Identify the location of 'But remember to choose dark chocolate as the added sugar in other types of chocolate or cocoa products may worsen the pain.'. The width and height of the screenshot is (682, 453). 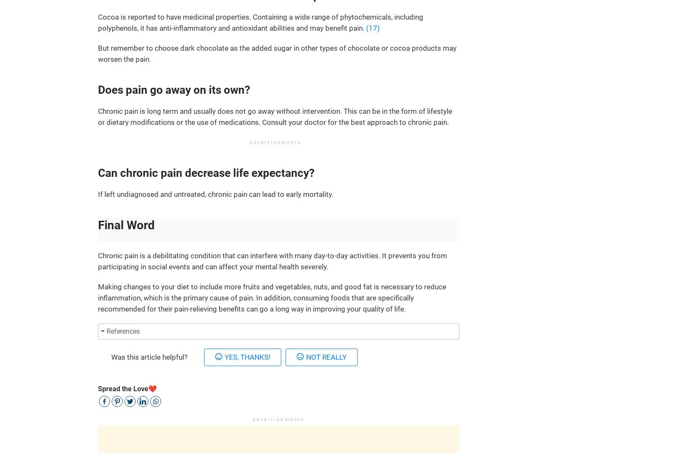
(277, 53).